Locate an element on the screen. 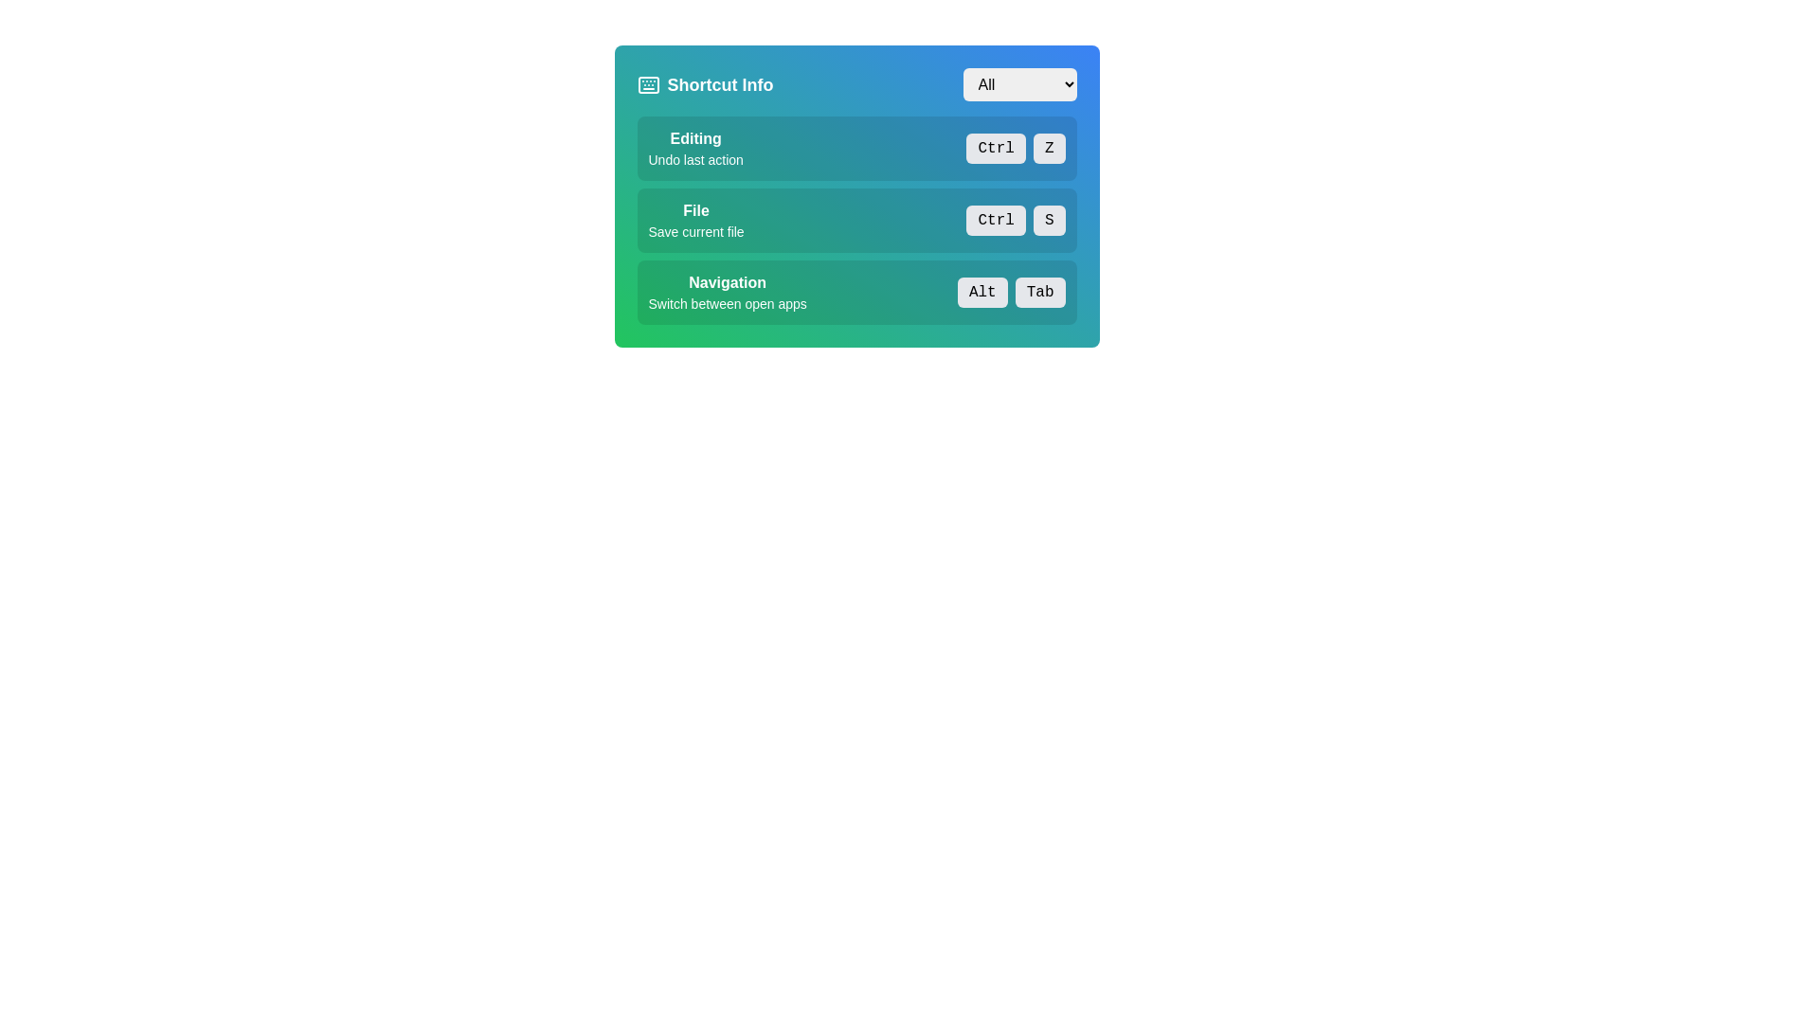 The width and height of the screenshot is (1819, 1023). the static text label representing the 'Ctrl' keyboard shortcut key in the 'Shortcut Info' panel is located at coordinates (995, 219).